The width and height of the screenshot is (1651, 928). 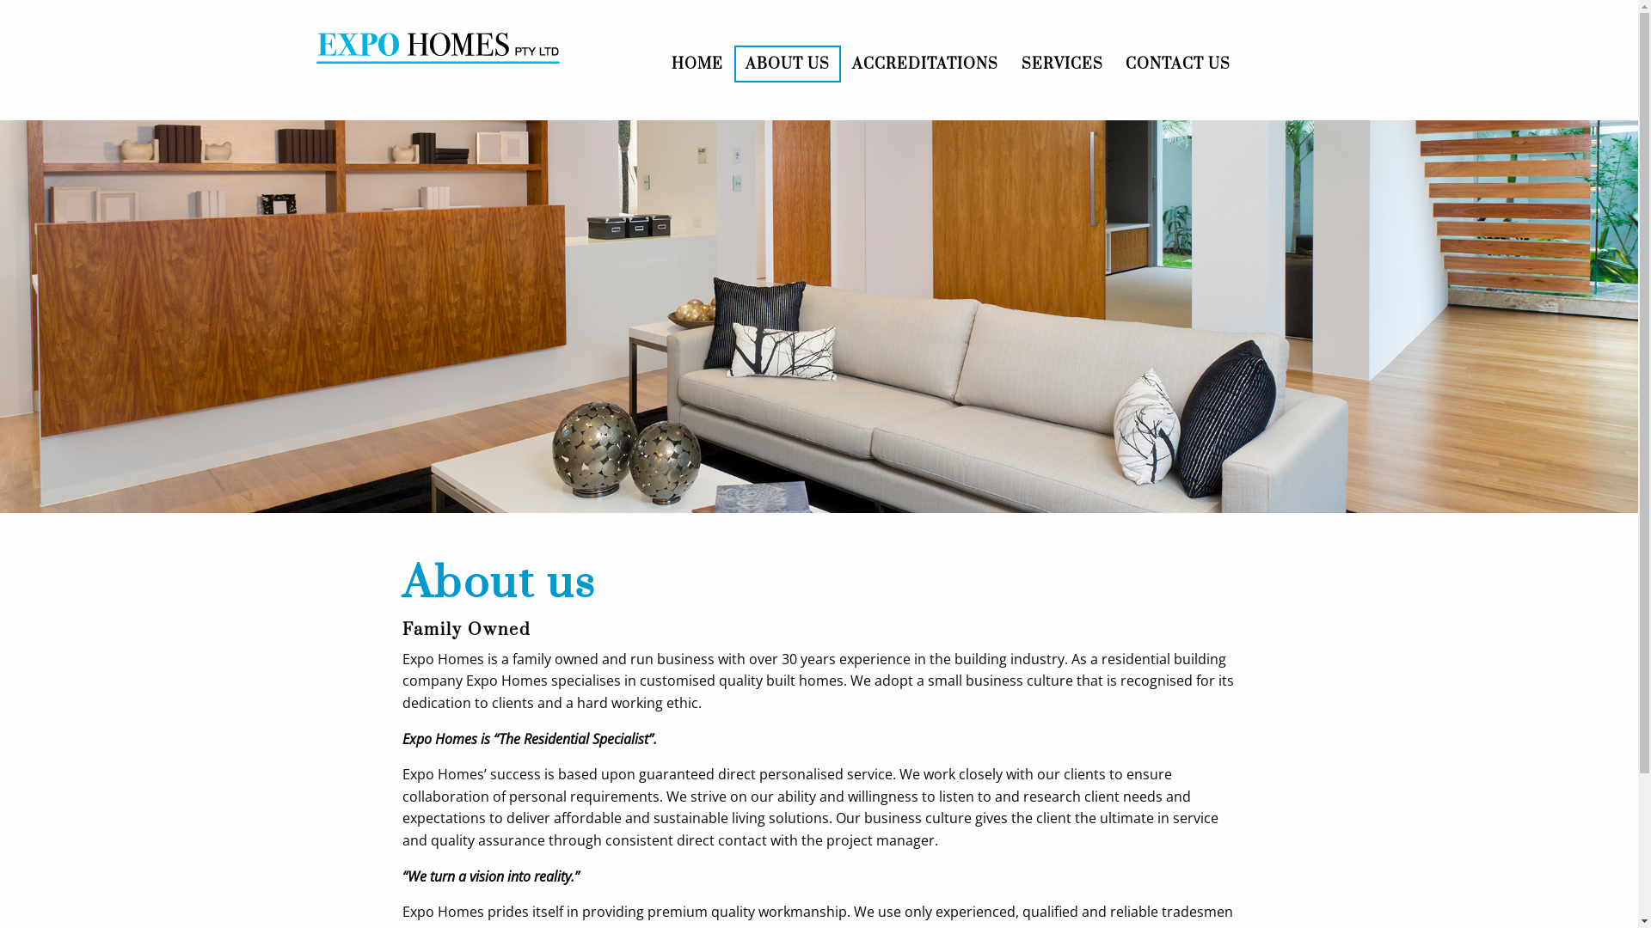 What do you see at coordinates (1010, 62) in the screenshot?
I see `'SERVICES'` at bounding box center [1010, 62].